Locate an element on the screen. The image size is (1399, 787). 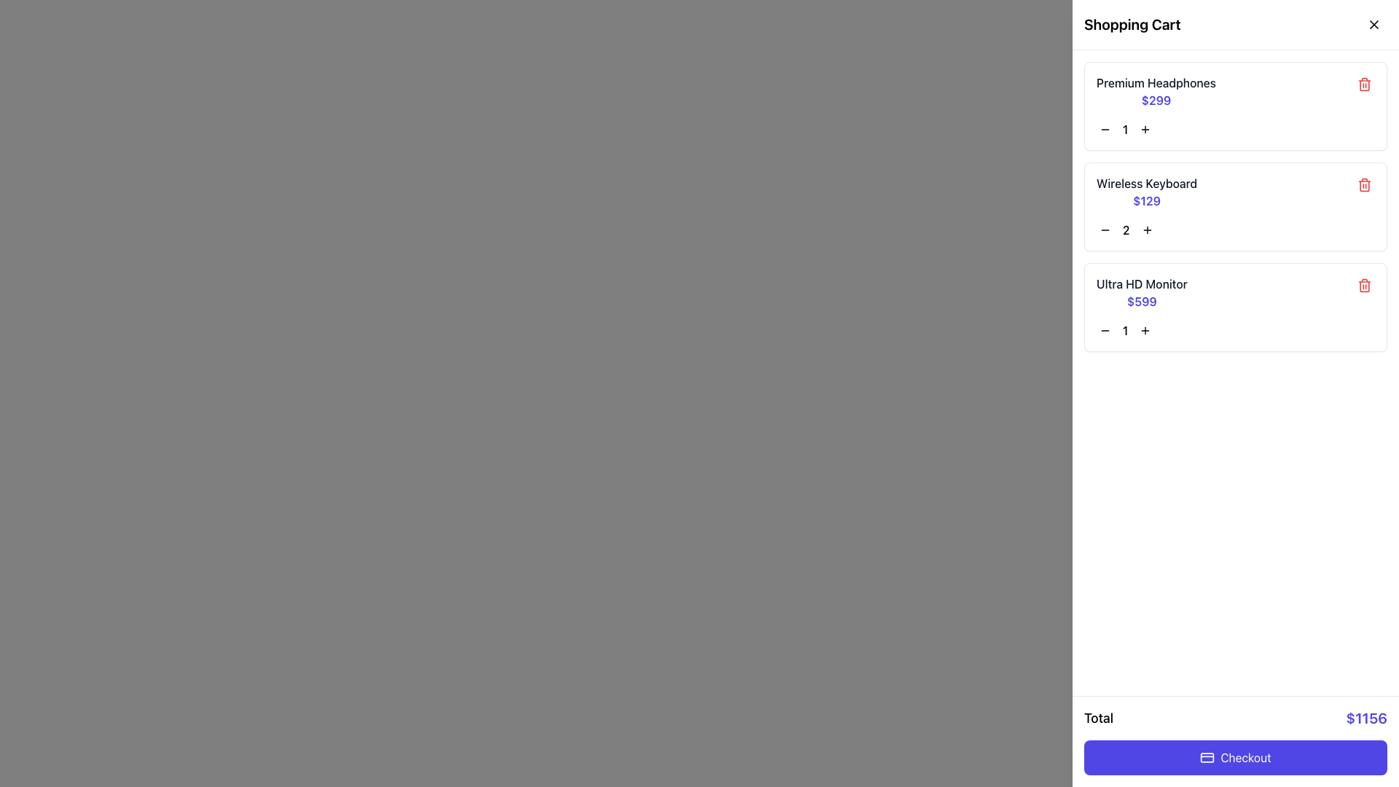
the static numeric display that shows the current quantity of a specific item in the shopping cart, located between the minus and plus buttons is located at coordinates (1125, 230).